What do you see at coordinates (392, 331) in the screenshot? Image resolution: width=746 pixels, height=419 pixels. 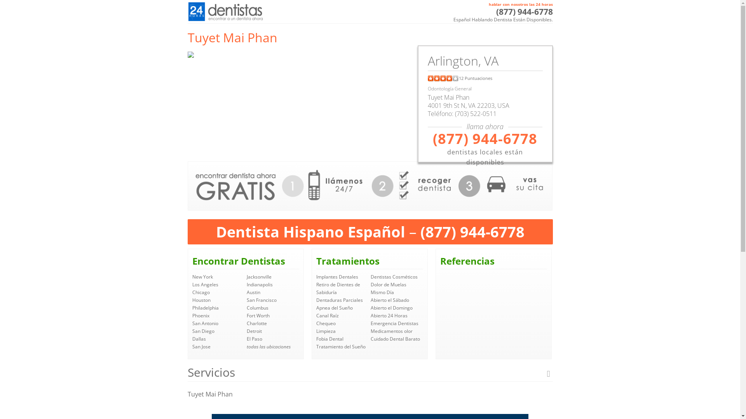 I see `'Medicamentos olor'` at bounding box center [392, 331].